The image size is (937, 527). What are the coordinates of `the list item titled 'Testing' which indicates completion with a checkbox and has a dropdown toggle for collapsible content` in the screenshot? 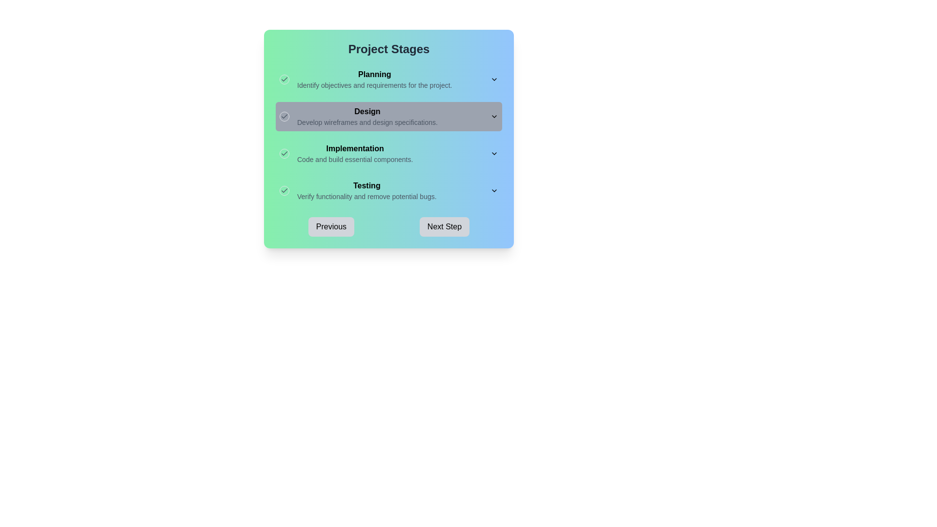 It's located at (388, 190).